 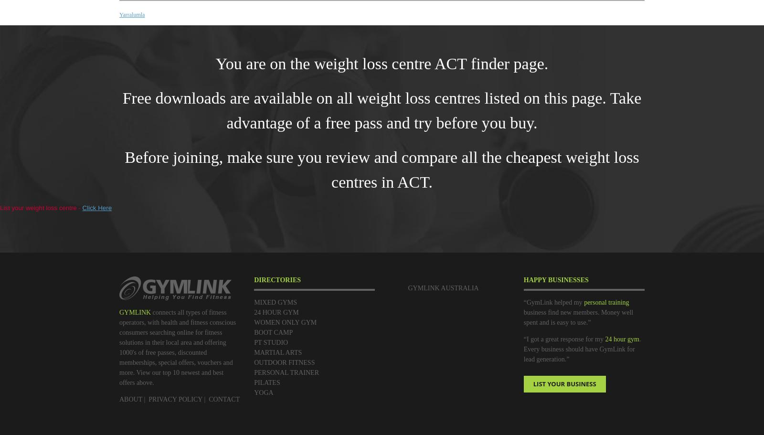 What do you see at coordinates (276, 280) in the screenshot?
I see `'Directories'` at bounding box center [276, 280].